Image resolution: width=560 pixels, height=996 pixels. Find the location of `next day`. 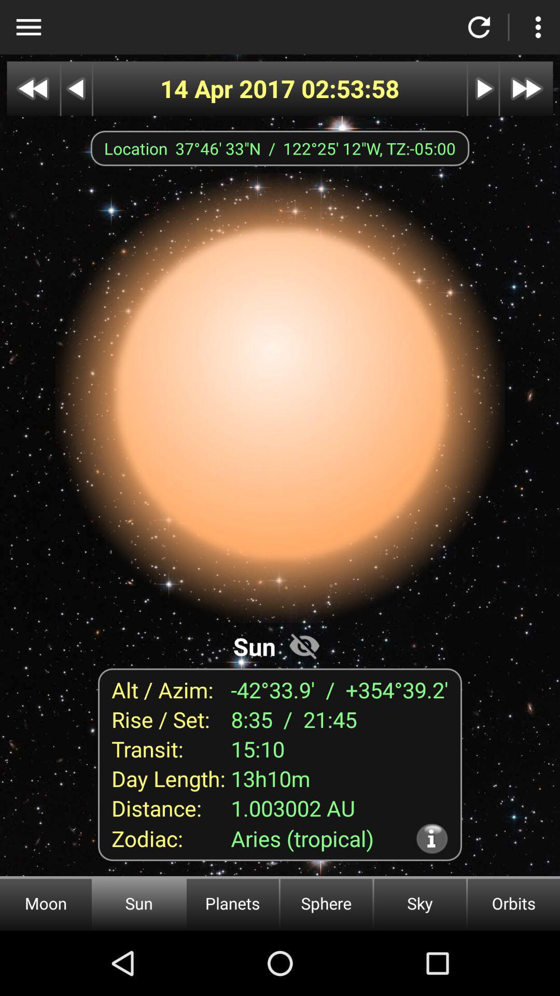

next day is located at coordinates (483, 89).